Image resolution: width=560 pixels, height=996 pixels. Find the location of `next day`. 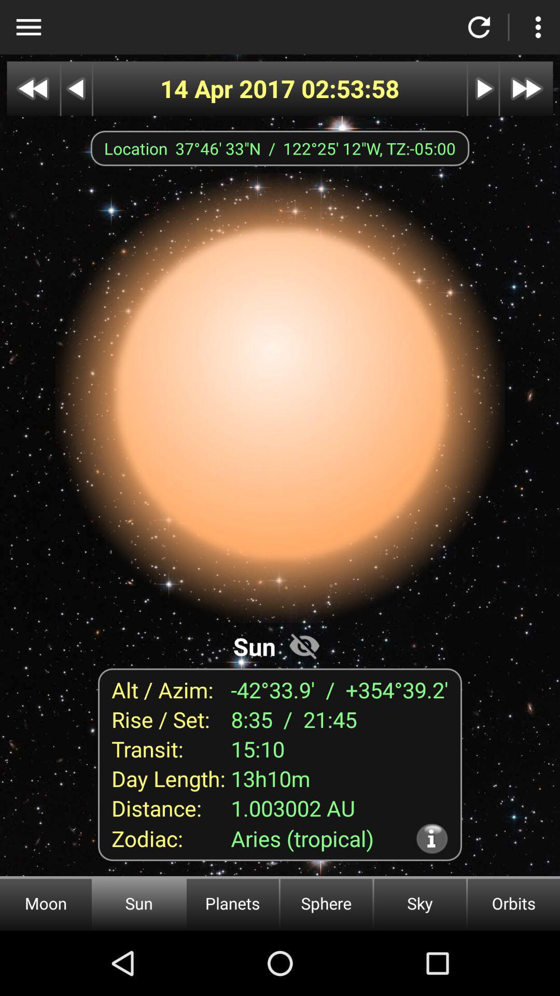

next day is located at coordinates (483, 89).